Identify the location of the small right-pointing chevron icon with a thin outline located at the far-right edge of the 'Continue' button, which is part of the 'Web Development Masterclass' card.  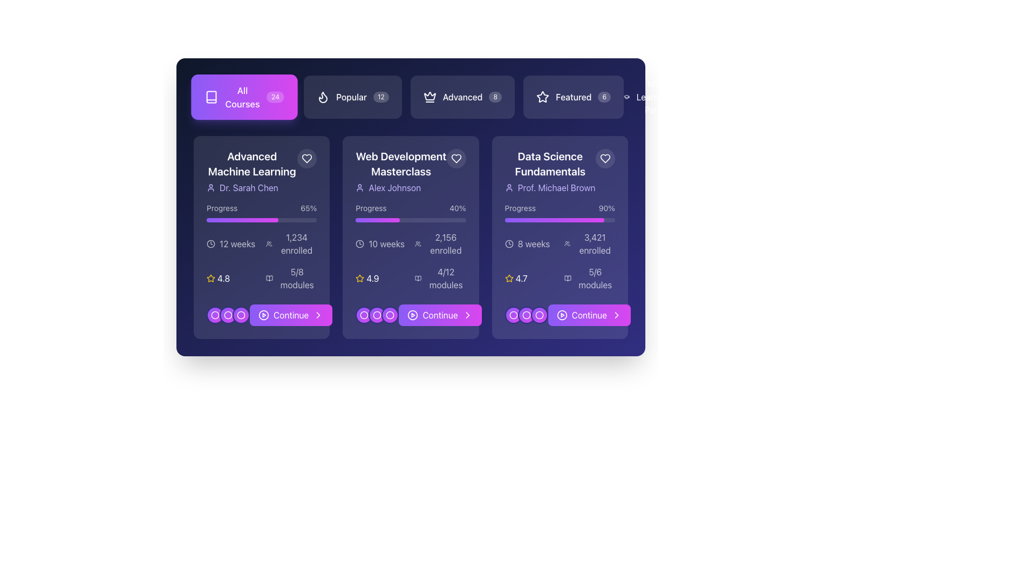
(467, 315).